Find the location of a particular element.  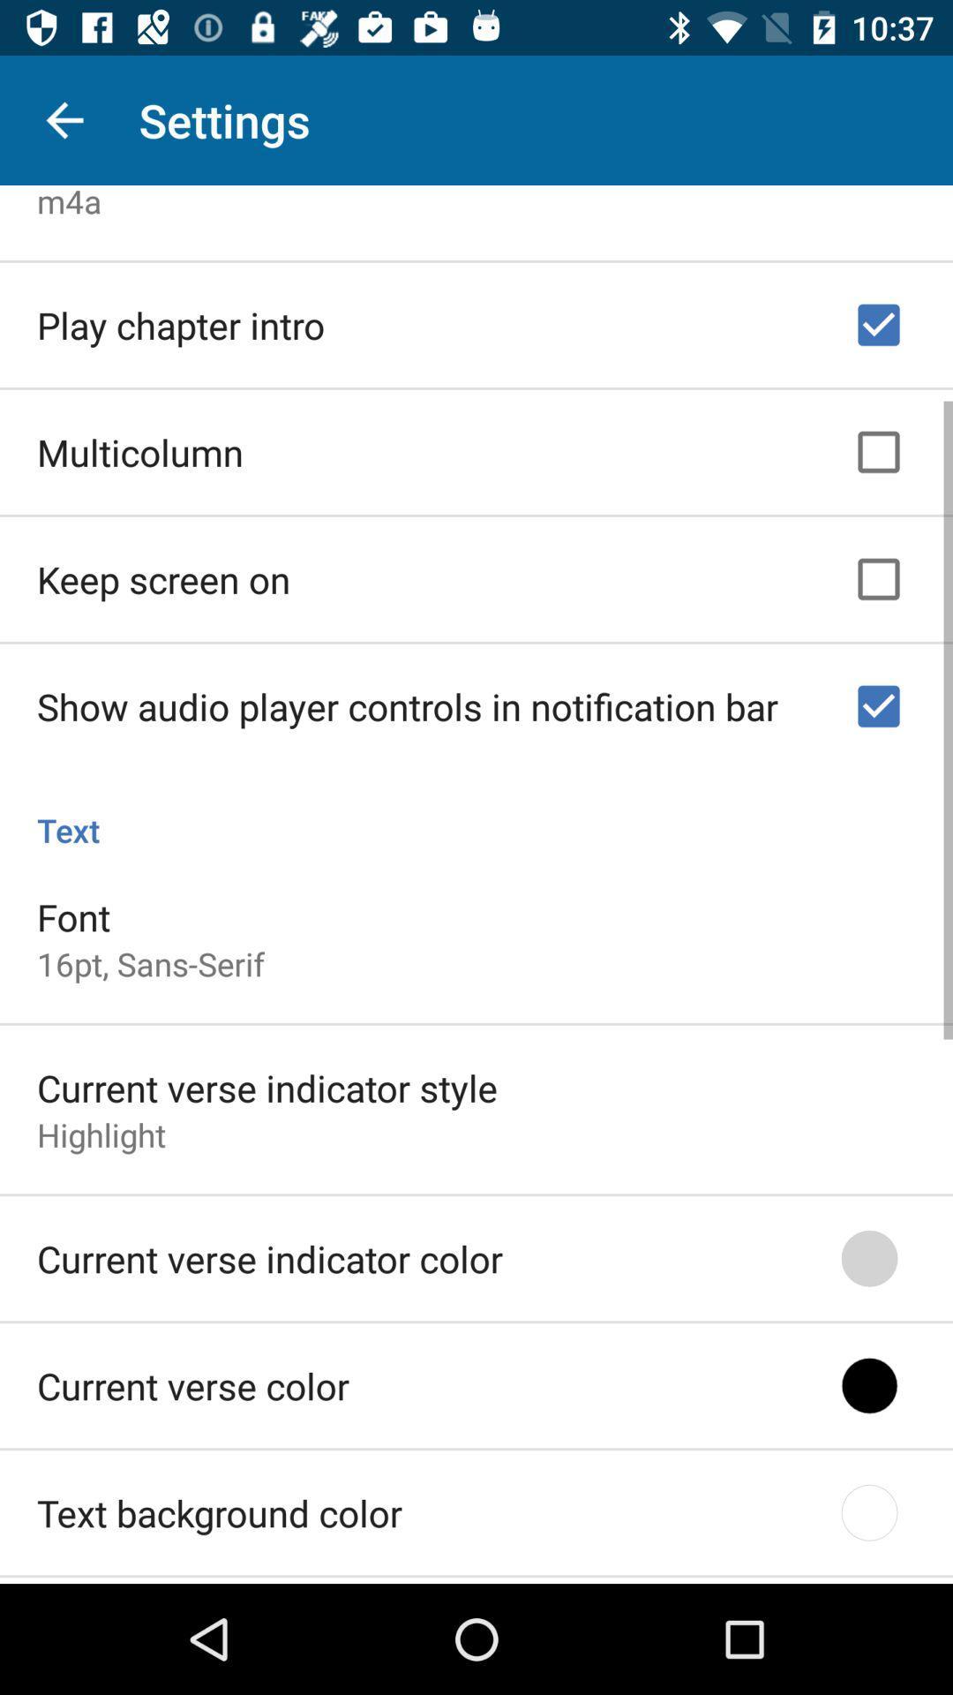

item above 16pt, sans-serif item is located at coordinates (72, 911).